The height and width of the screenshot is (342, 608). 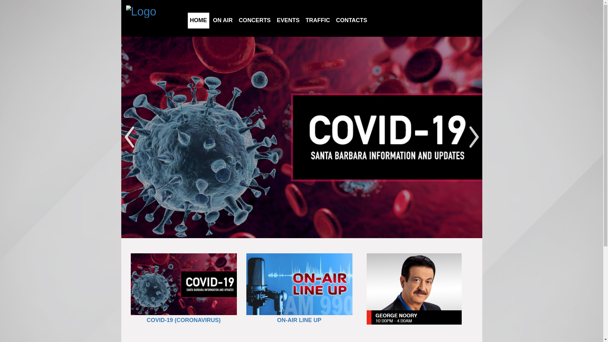 What do you see at coordinates (288, 20) in the screenshot?
I see `'EVENTS'` at bounding box center [288, 20].